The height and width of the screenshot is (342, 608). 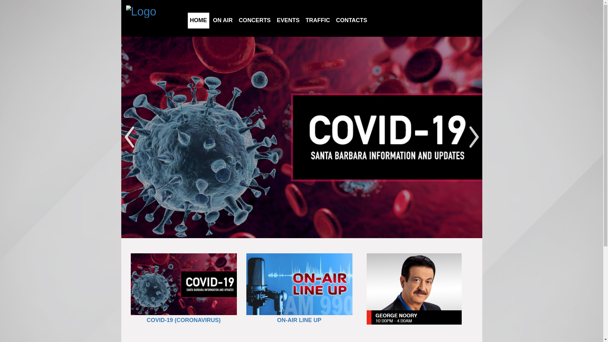 What do you see at coordinates (288, 20) in the screenshot?
I see `'EVENTS'` at bounding box center [288, 20].